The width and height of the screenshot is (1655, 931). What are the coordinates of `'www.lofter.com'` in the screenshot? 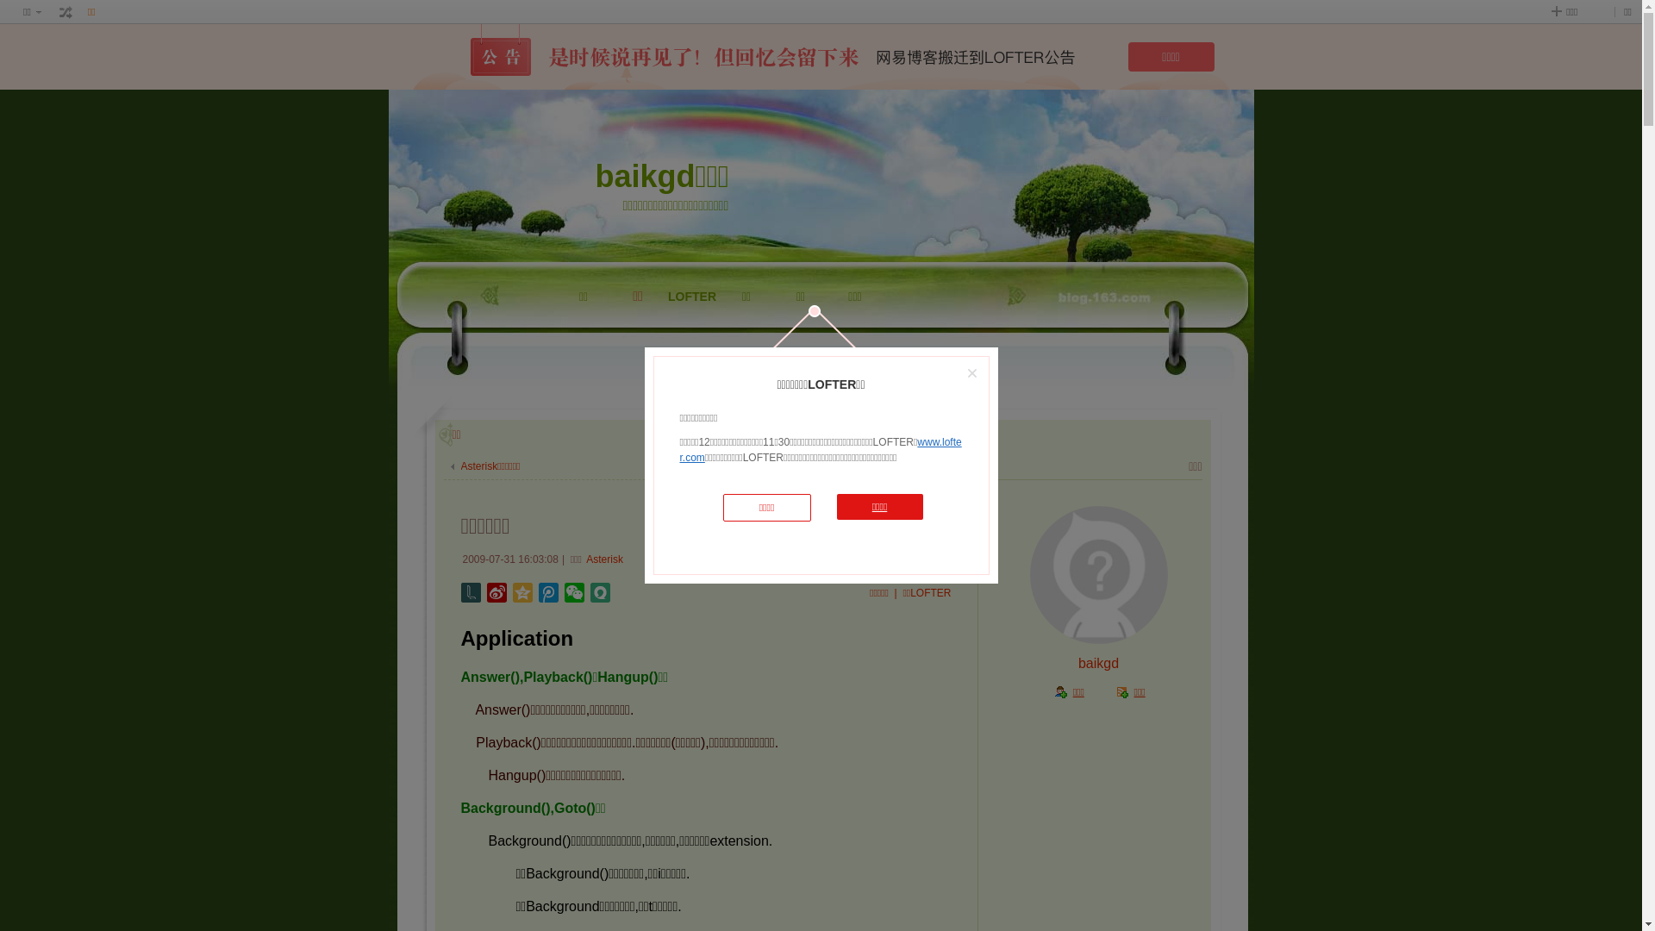 It's located at (819, 448).